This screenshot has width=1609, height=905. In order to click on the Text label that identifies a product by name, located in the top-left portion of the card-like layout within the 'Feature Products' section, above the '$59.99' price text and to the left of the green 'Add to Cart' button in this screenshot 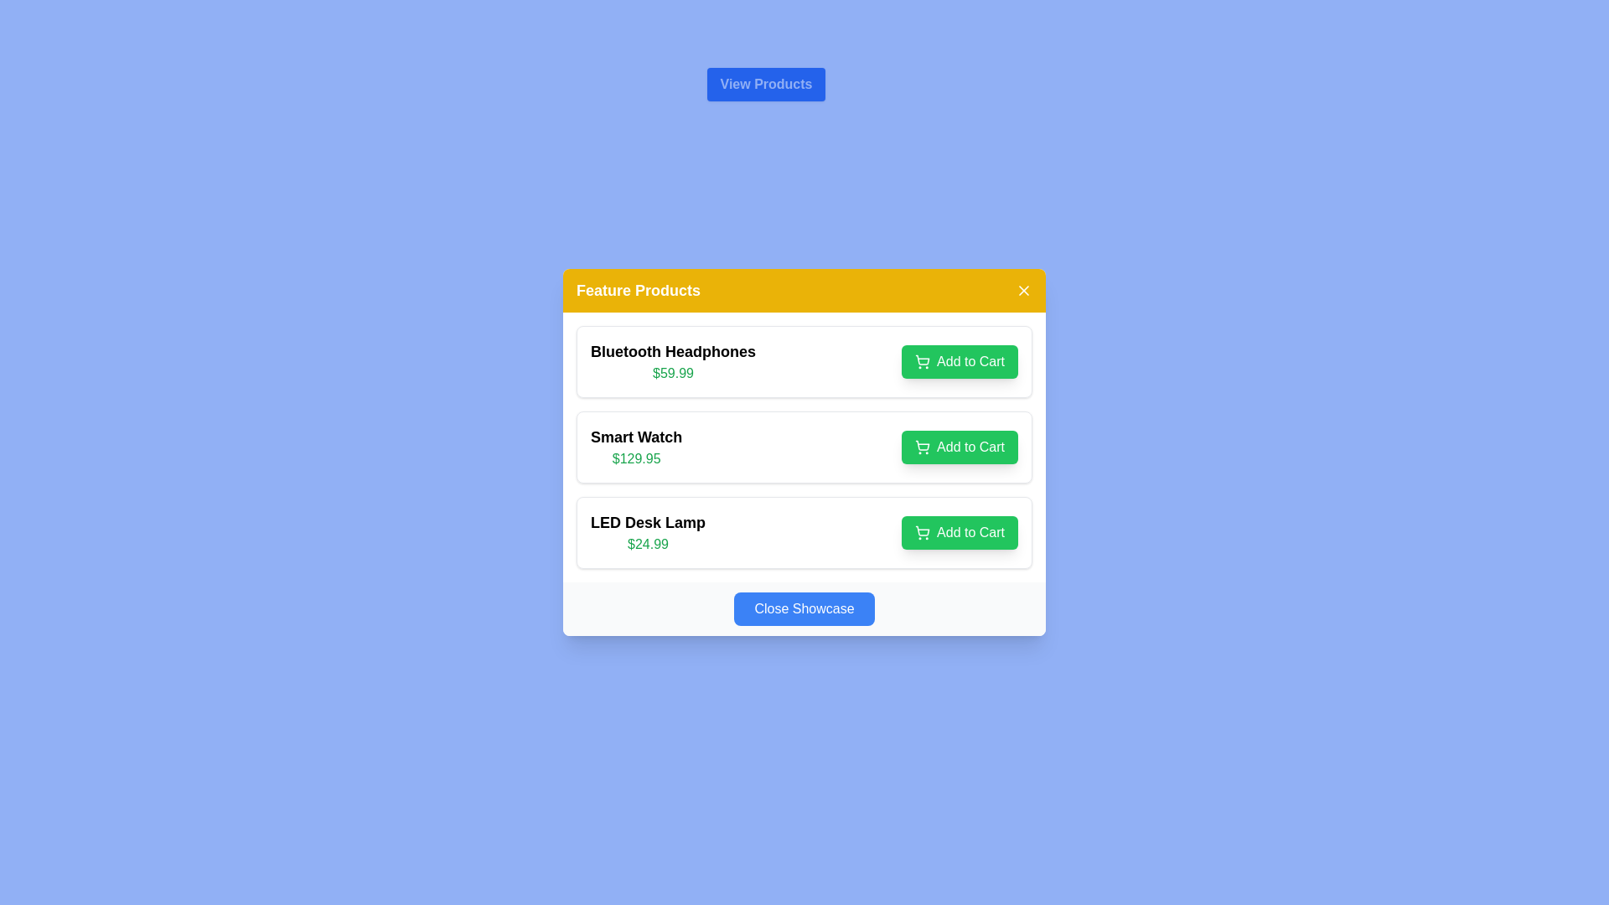, I will do `click(673, 351)`.